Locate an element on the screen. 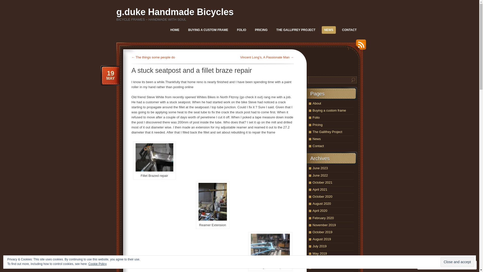  'Cookie Policy' is located at coordinates (97, 264).